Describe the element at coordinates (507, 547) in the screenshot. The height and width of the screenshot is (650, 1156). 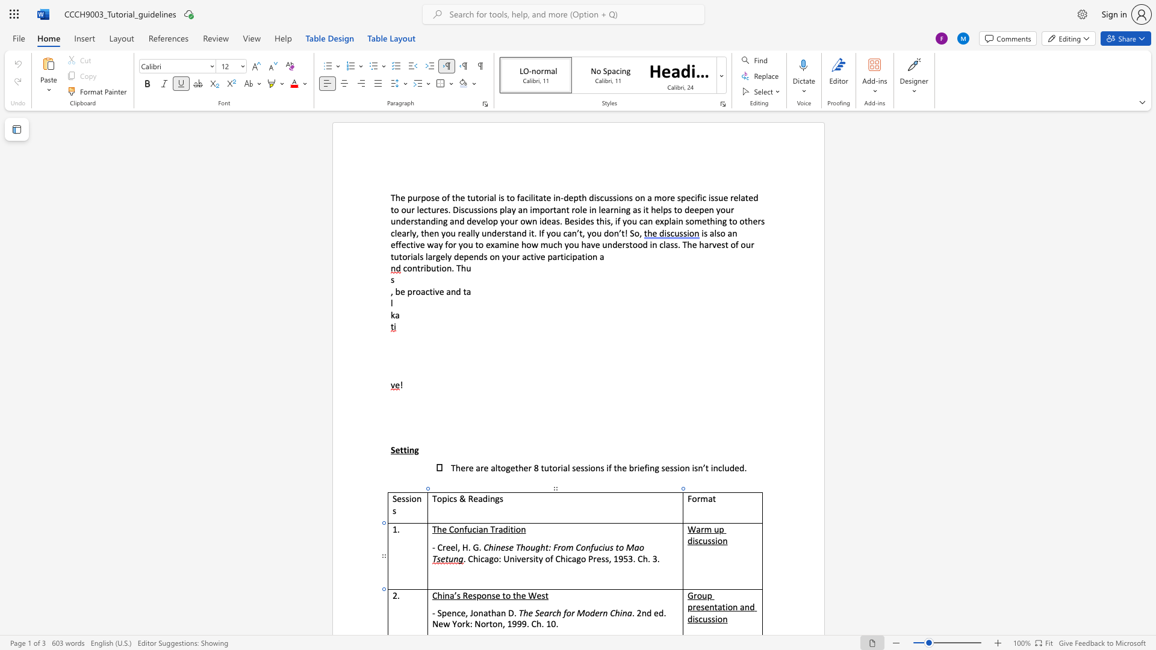
I see `the 1th character "s" in the text` at that location.